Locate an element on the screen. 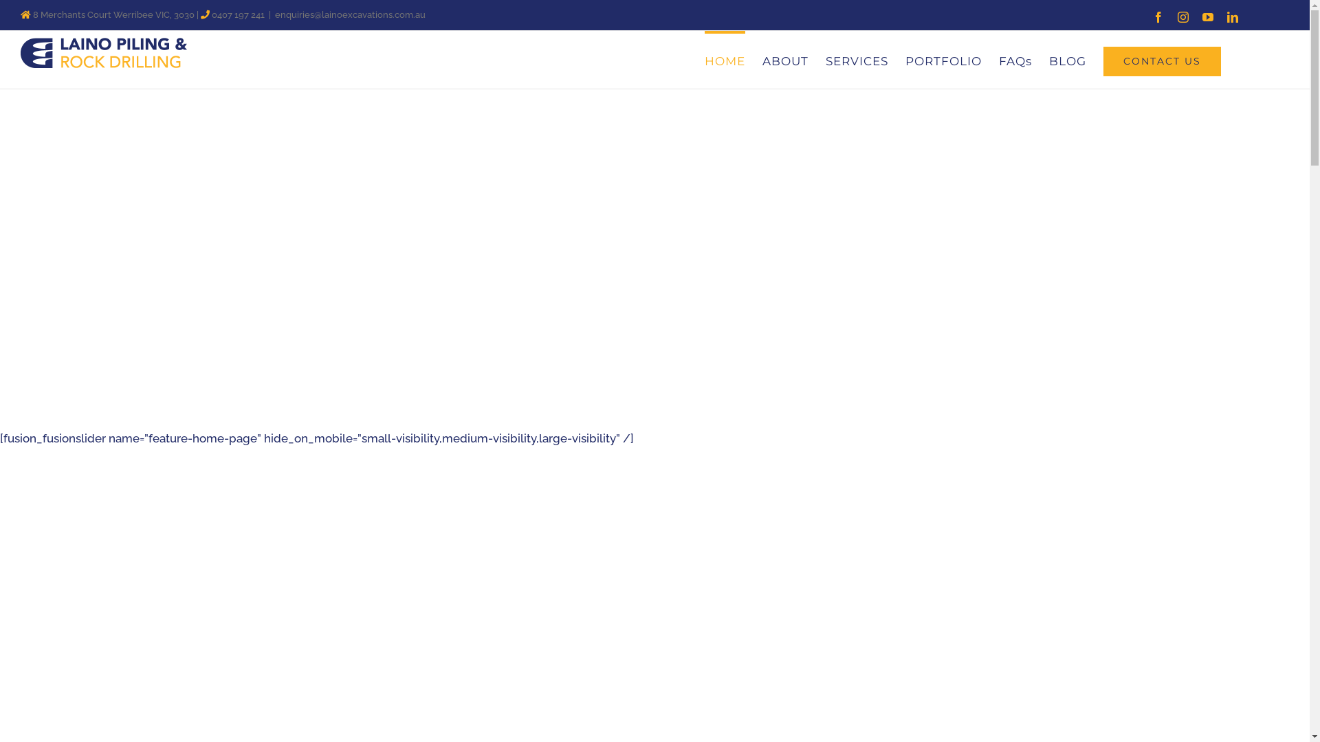 This screenshot has width=1320, height=742. 'Facebook' is located at coordinates (1157, 16).